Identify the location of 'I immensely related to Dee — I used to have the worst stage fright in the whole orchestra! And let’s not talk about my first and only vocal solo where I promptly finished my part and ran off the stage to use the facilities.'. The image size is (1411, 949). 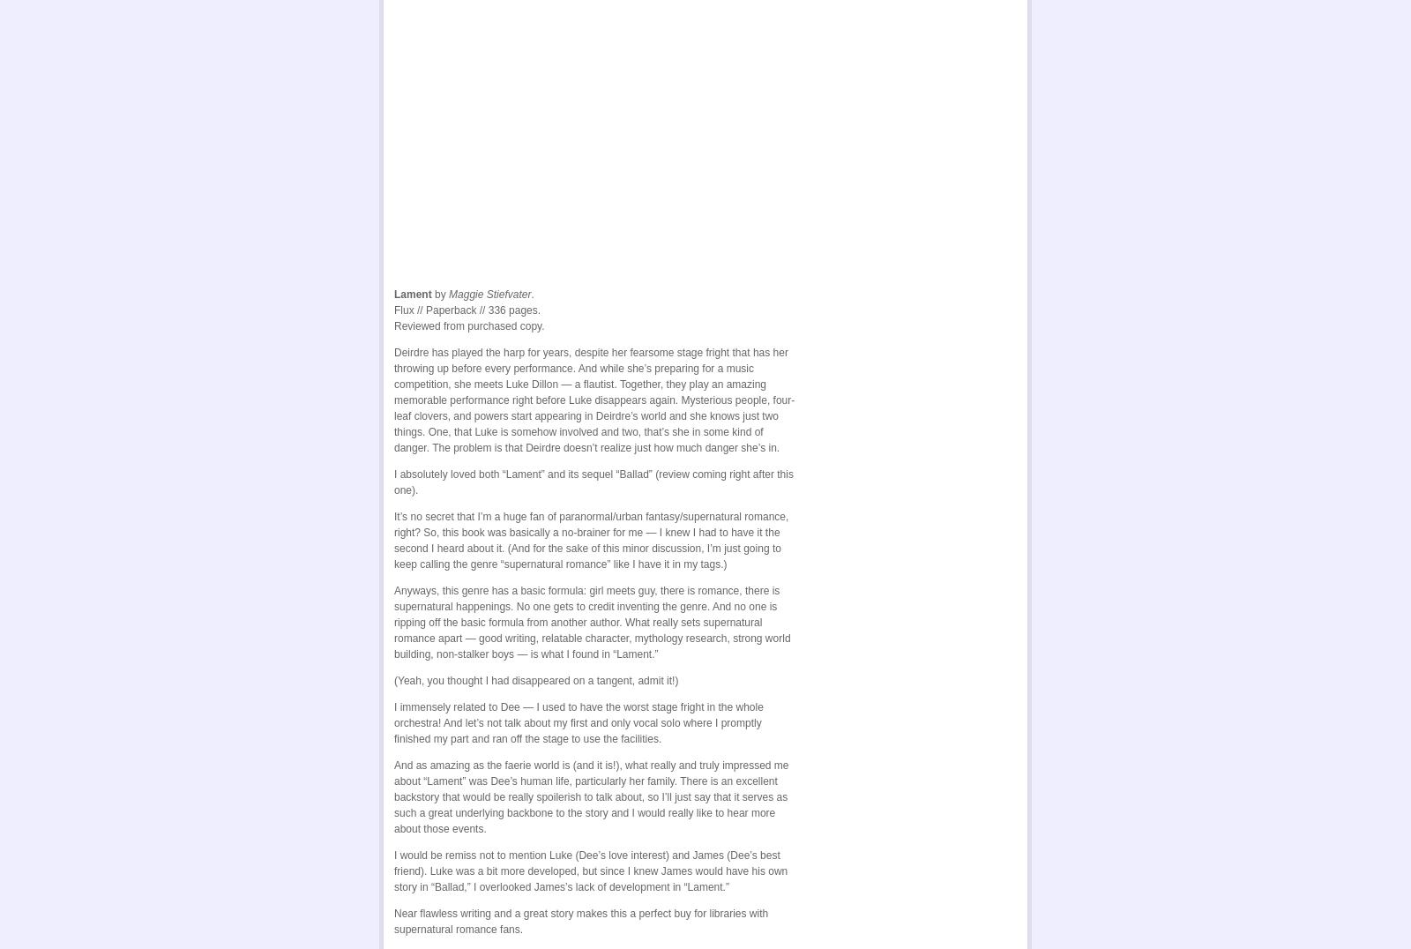
(579, 719).